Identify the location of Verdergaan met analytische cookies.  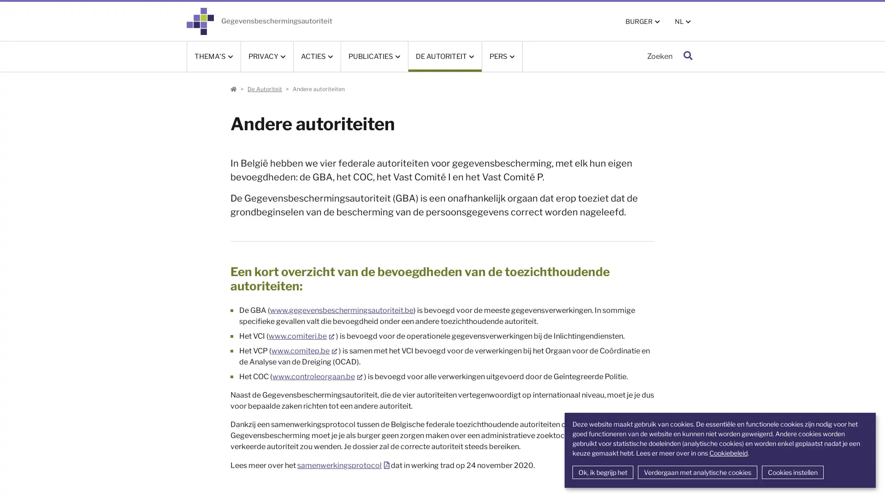
(697, 472).